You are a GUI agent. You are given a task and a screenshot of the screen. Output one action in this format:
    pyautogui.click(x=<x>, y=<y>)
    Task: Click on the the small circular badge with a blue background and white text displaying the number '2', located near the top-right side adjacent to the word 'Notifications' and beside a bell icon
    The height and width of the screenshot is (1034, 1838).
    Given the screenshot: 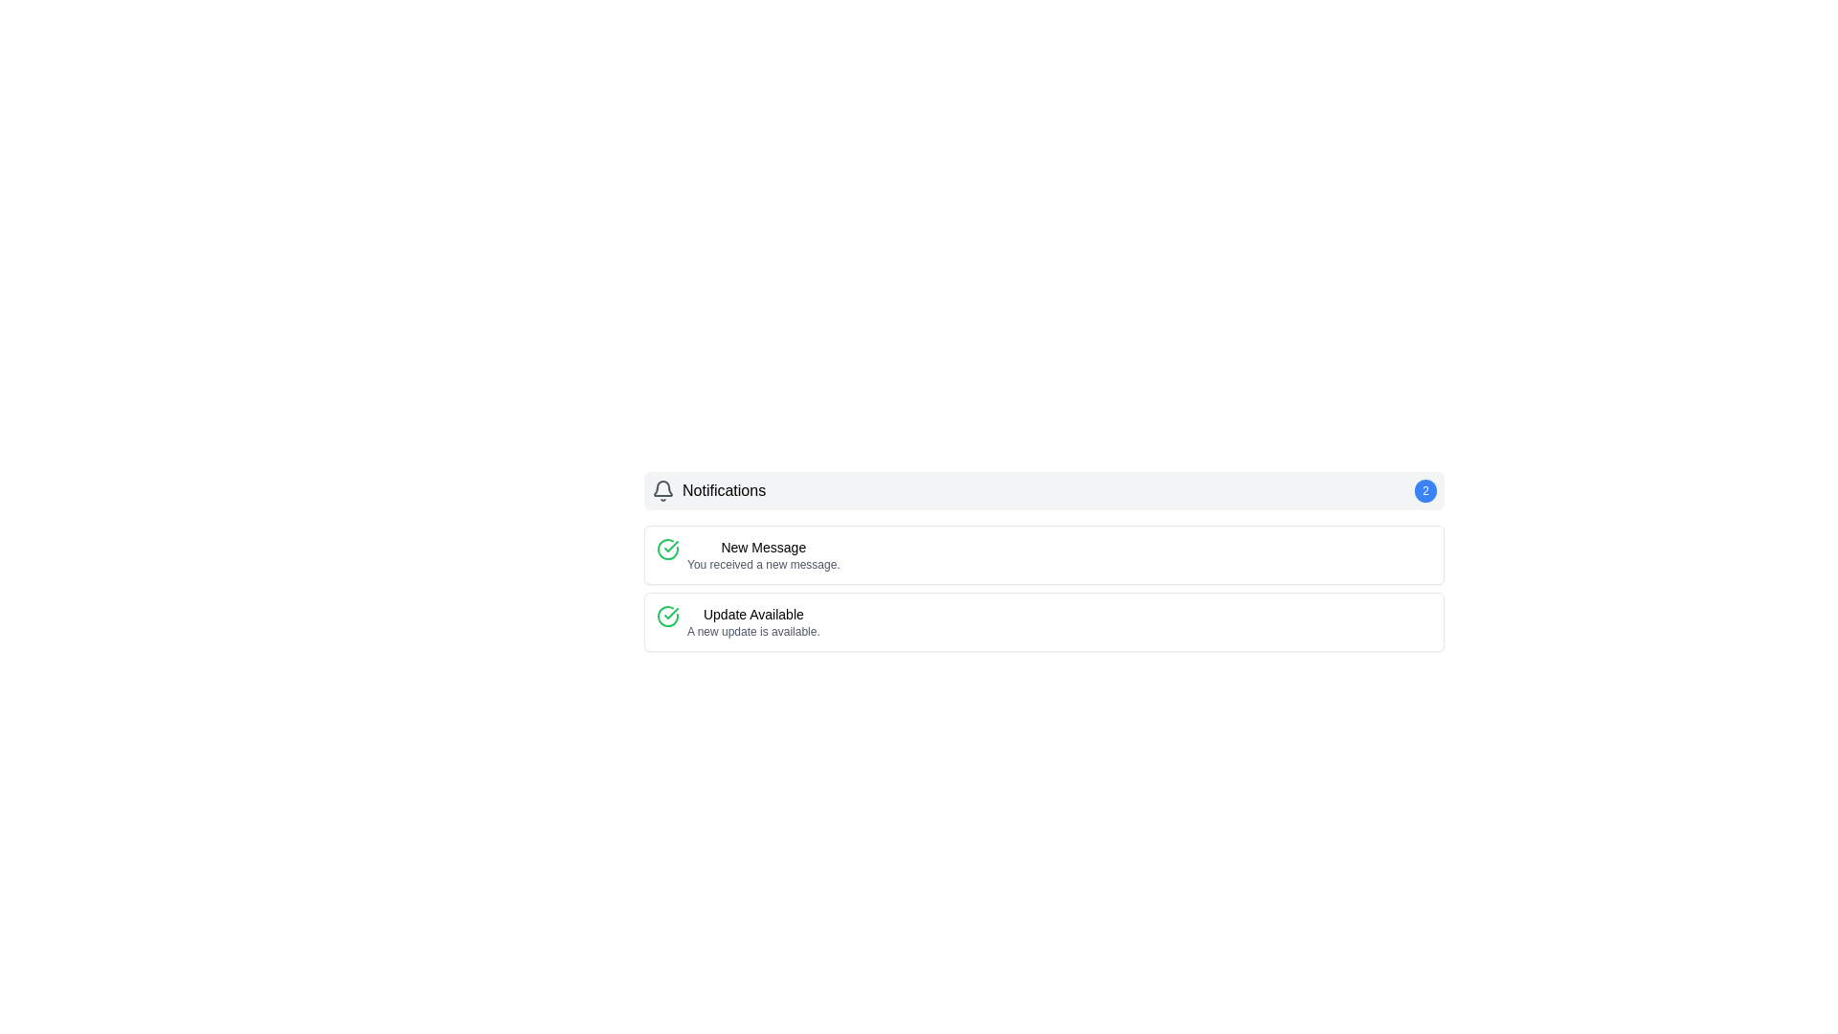 What is the action you would take?
    pyautogui.click(x=1425, y=490)
    